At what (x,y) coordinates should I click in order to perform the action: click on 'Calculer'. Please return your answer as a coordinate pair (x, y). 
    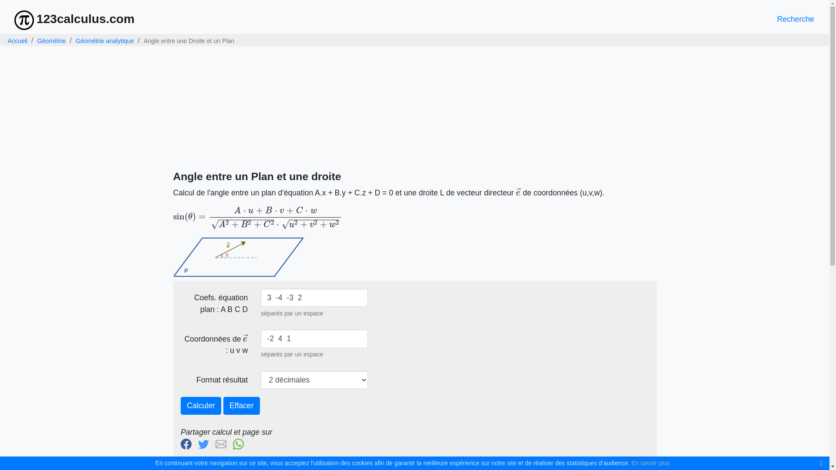
    Looking at the image, I should click on (180, 406).